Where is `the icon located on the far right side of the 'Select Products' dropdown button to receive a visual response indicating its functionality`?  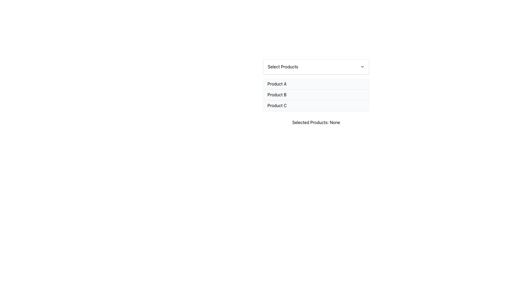 the icon located on the far right side of the 'Select Products' dropdown button to receive a visual response indicating its functionality is located at coordinates (362, 66).